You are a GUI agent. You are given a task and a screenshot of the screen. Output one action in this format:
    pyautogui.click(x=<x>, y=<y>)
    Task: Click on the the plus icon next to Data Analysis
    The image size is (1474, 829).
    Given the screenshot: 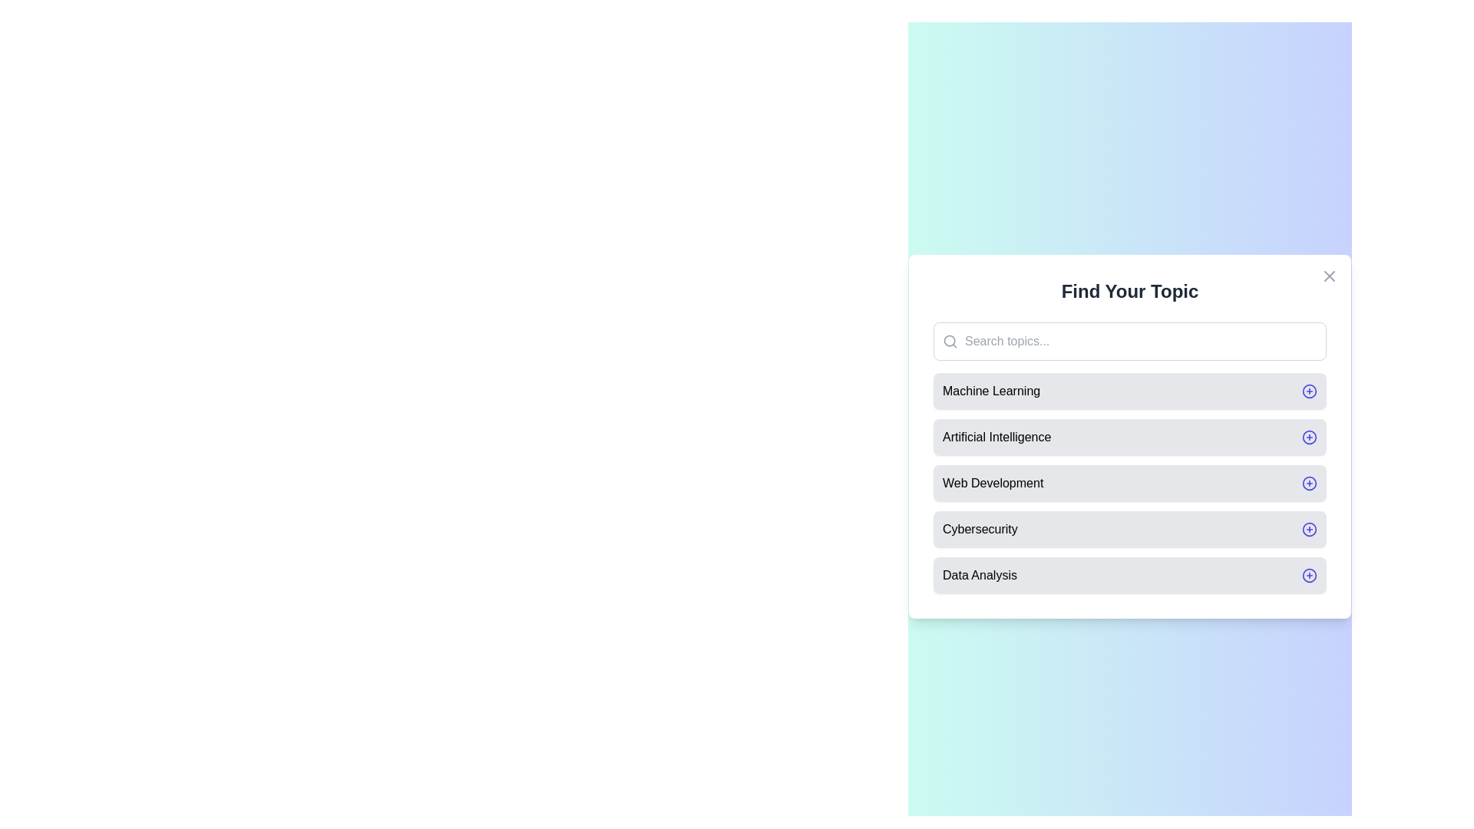 What is the action you would take?
    pyautogui.click(x=1308, y=575)
    